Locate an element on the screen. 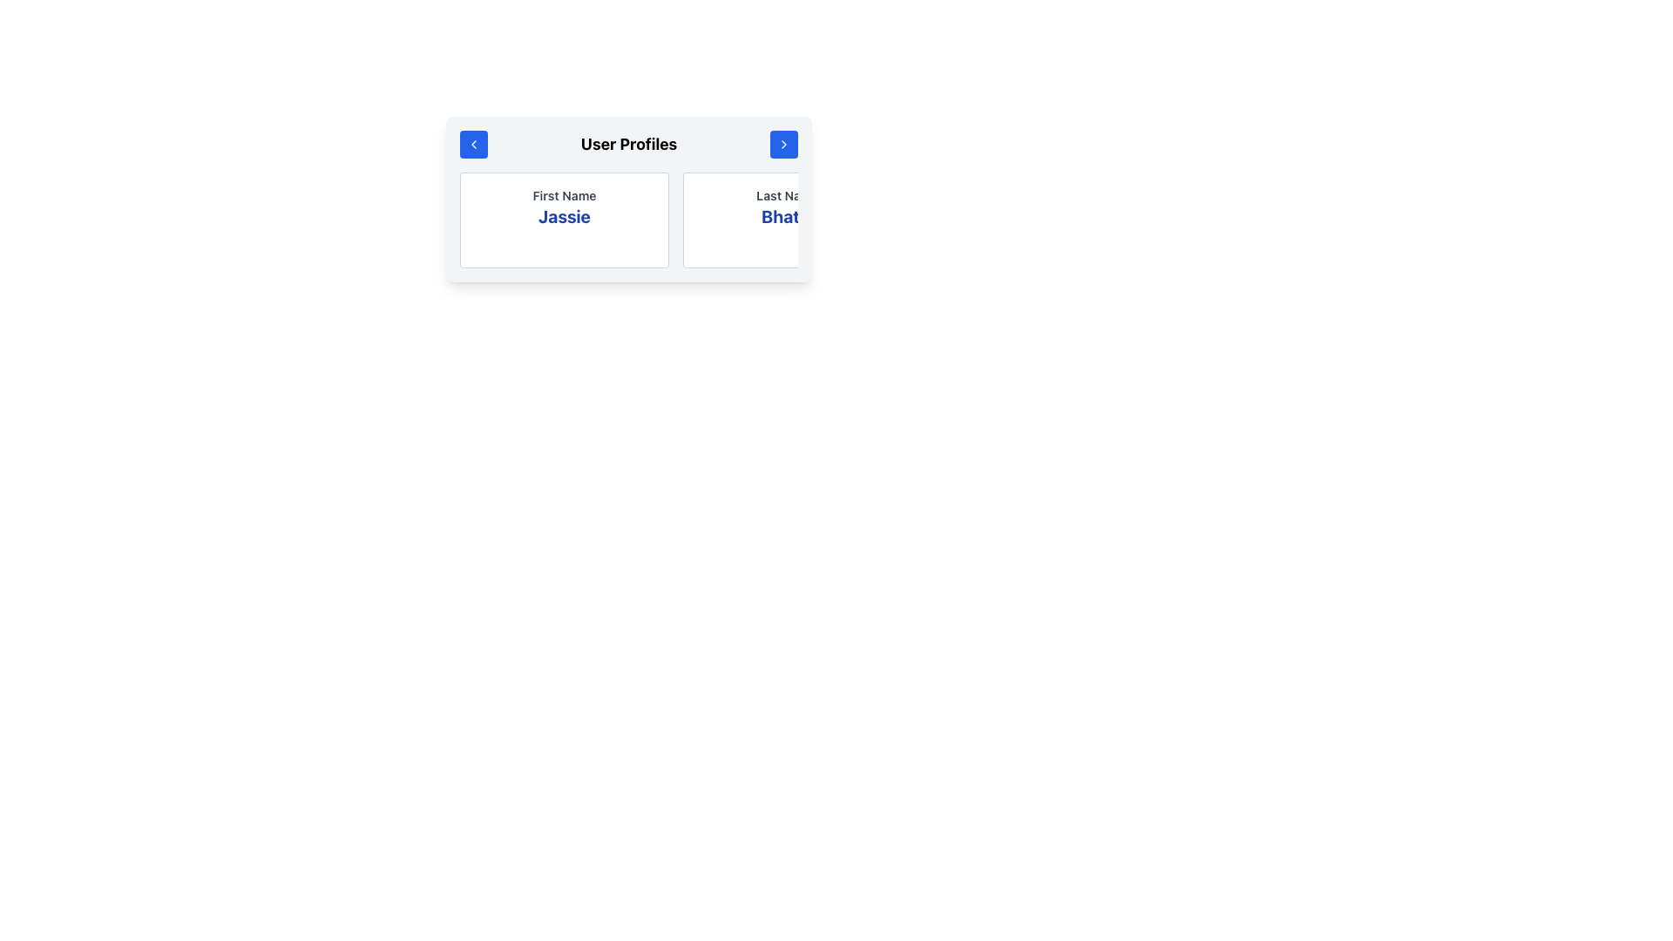 Image resolution: width=1673 pixels, height=941 pixels. the Text Display element that shows 'Jassie' in bold, large, blue-colored font, located below the 'First Name' label is located at coordinates (565, 216).